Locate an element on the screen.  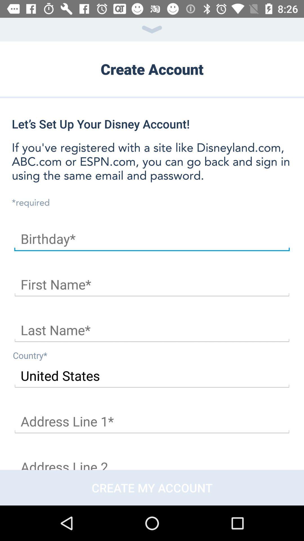
address line 2 is located at coordinates (152, 461).